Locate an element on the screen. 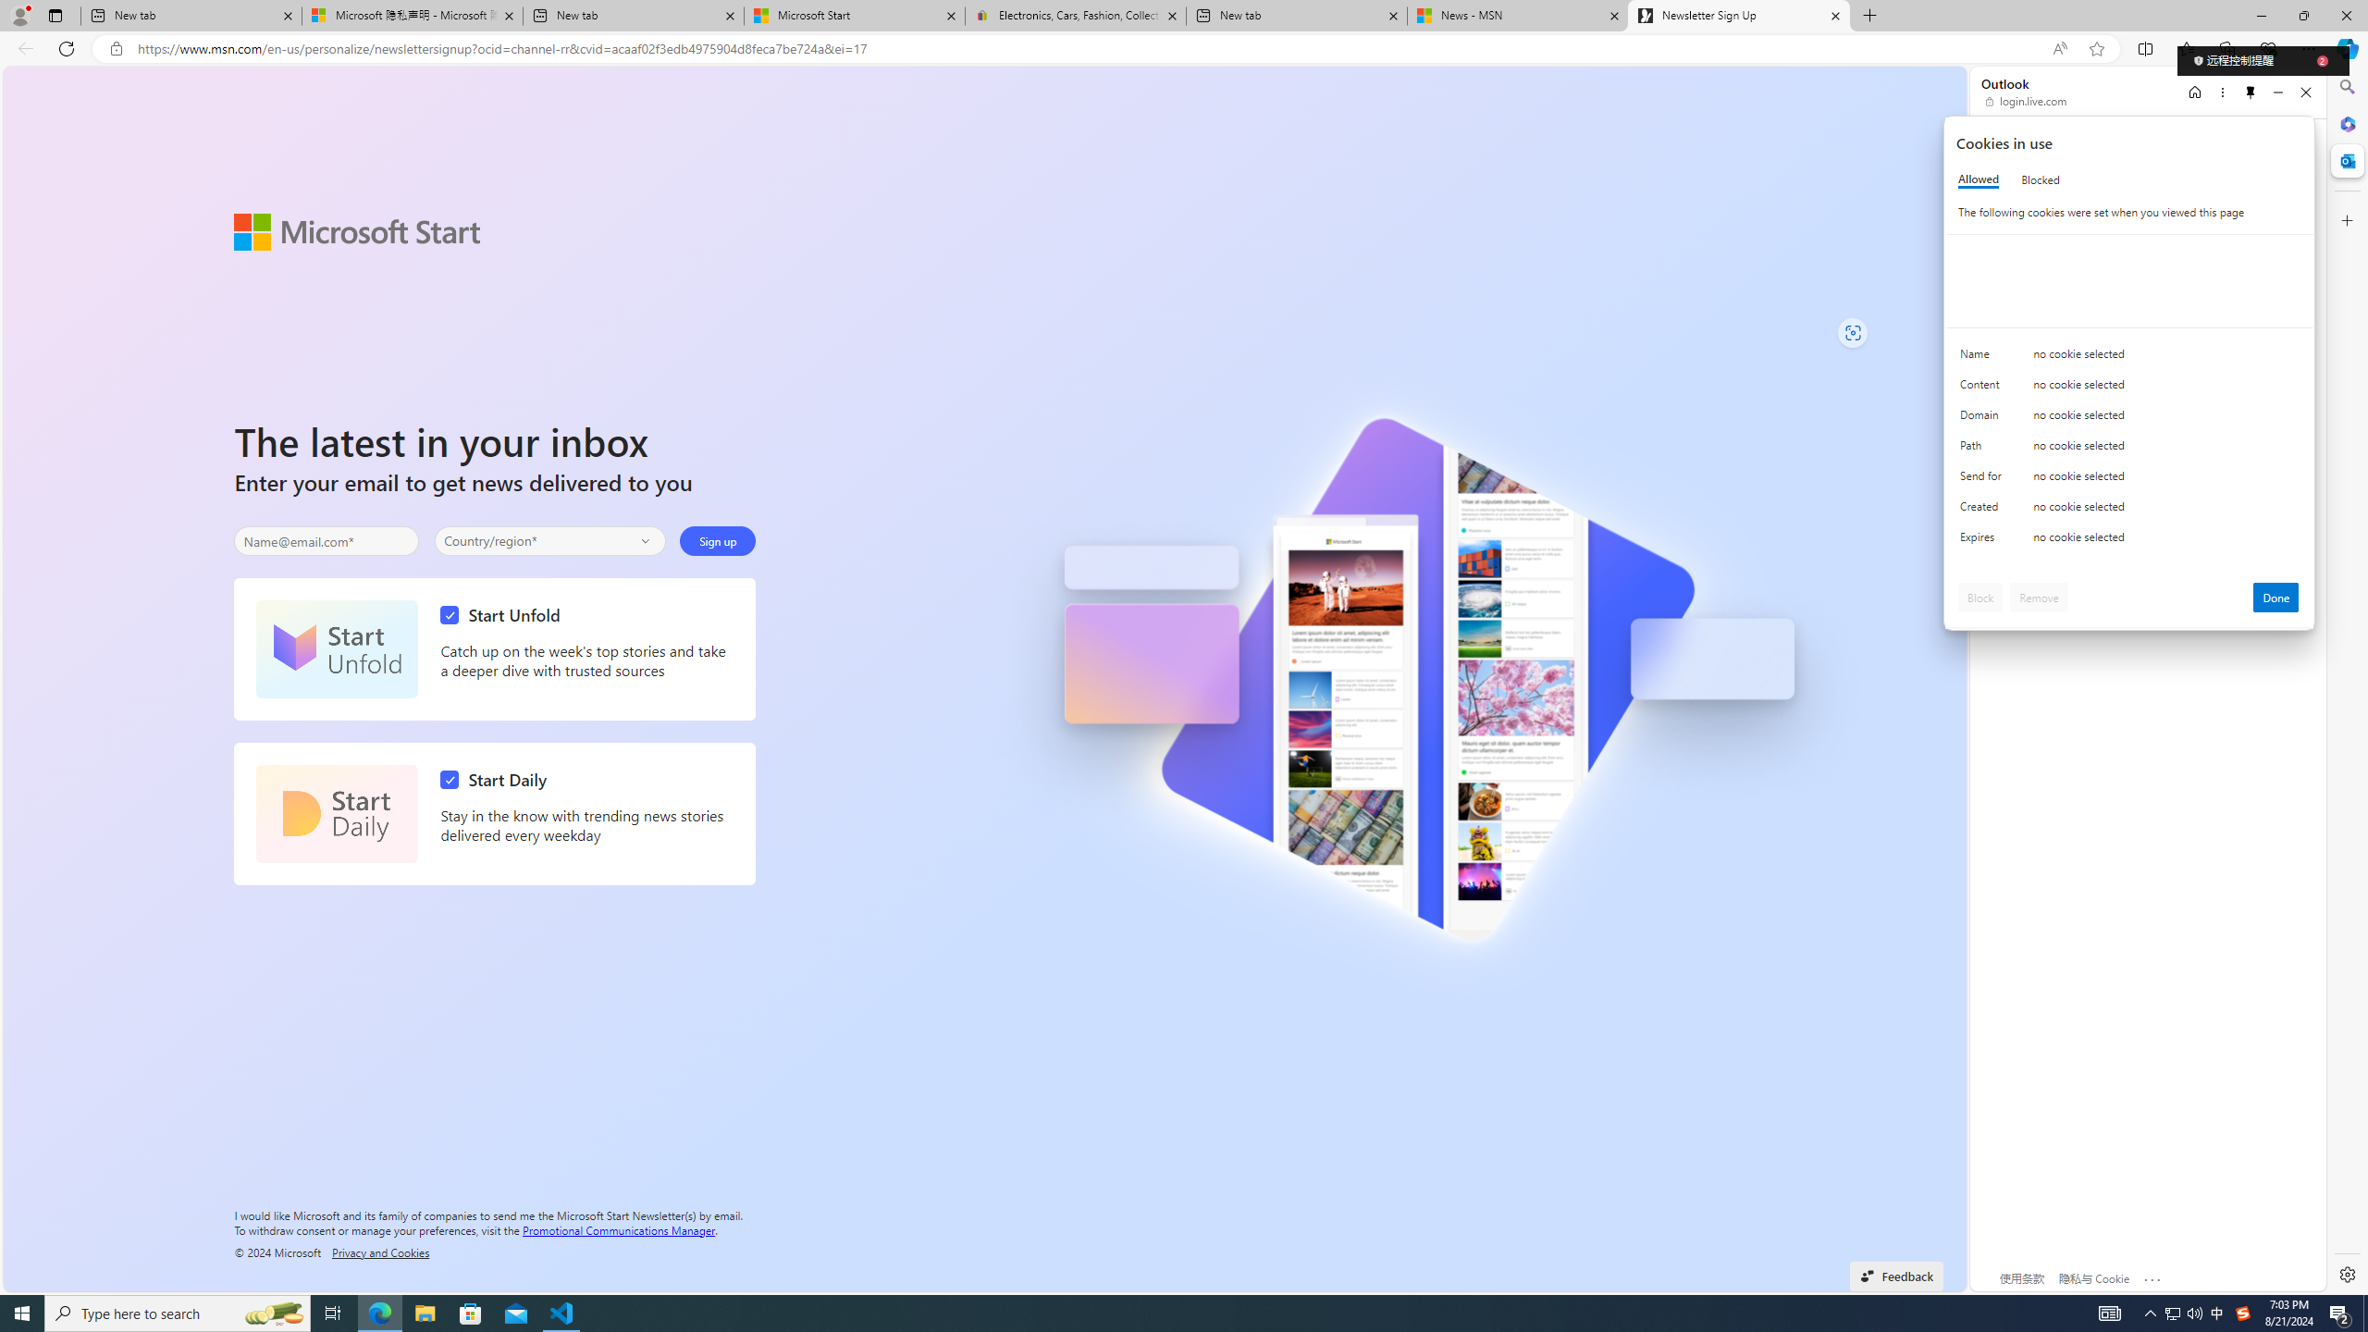  'Start Unfold' is located at coordinates (336, 648).